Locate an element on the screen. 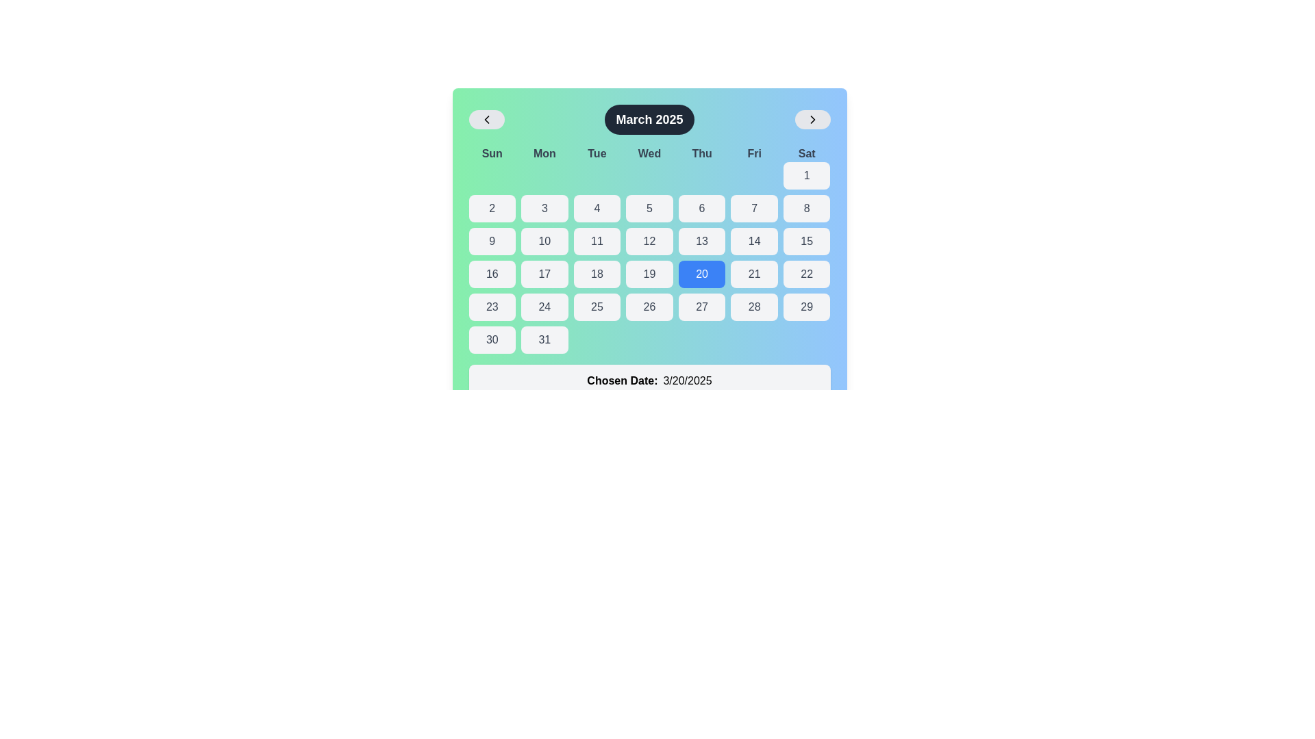  the text label displaying 'Mon', which is positioned as the second column in a seven-column grid of day abbreviations, located near the top-left corner of the interface is located at coordinates (544, 153).